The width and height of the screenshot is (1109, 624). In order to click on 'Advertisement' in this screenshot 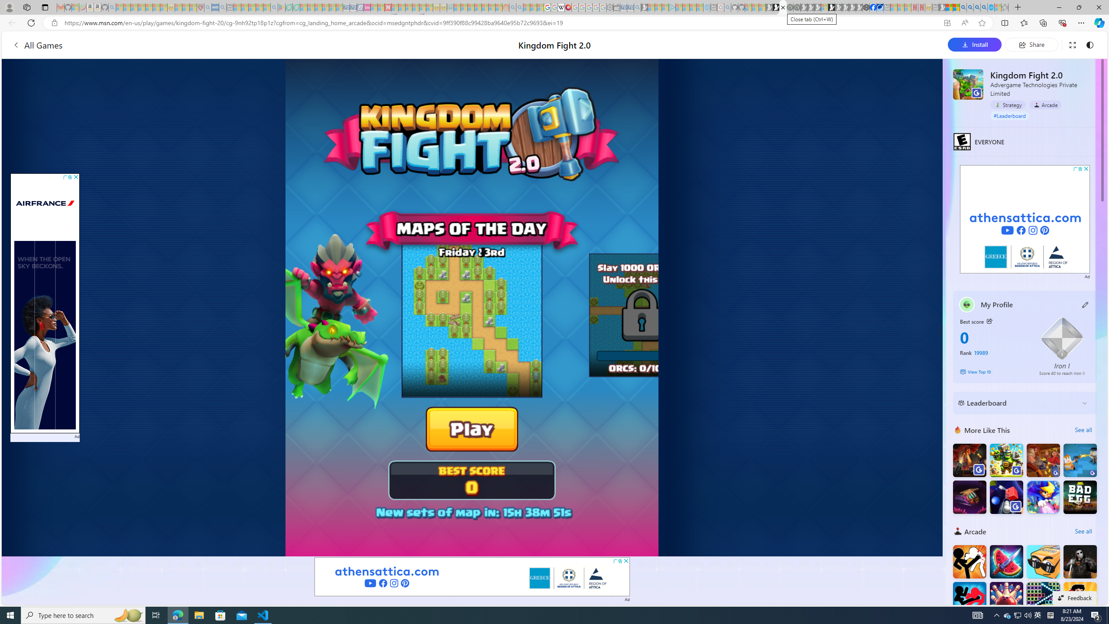, I will do `click(1025, 219)`.